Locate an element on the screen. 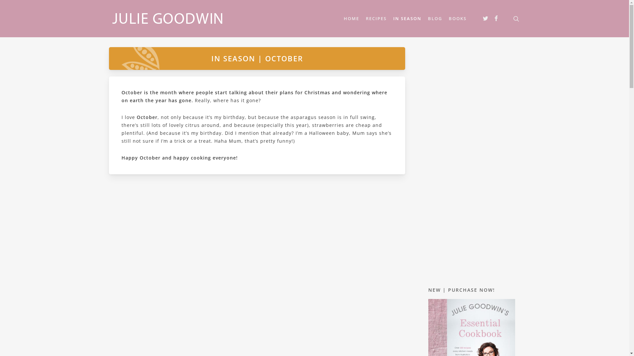 This screenshot has height=356, width=634. 'IN SEASON' is located at coordinates (407, 18).